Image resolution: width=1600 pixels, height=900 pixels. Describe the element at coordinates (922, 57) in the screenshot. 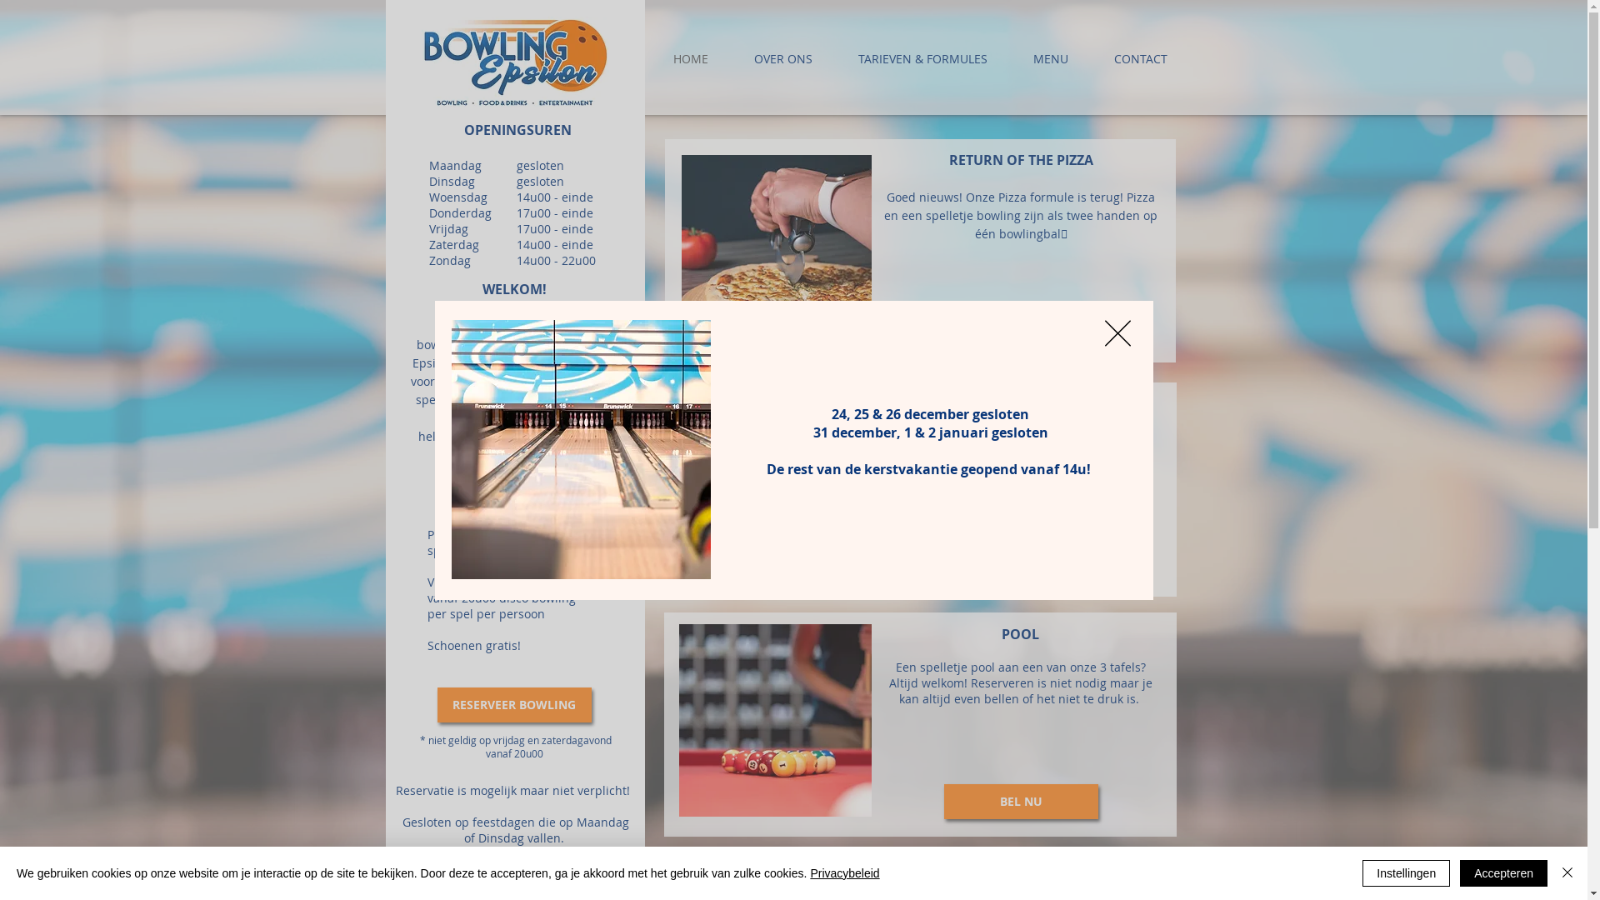

I see `'TARIEVEN & FORMULES'` at that location.